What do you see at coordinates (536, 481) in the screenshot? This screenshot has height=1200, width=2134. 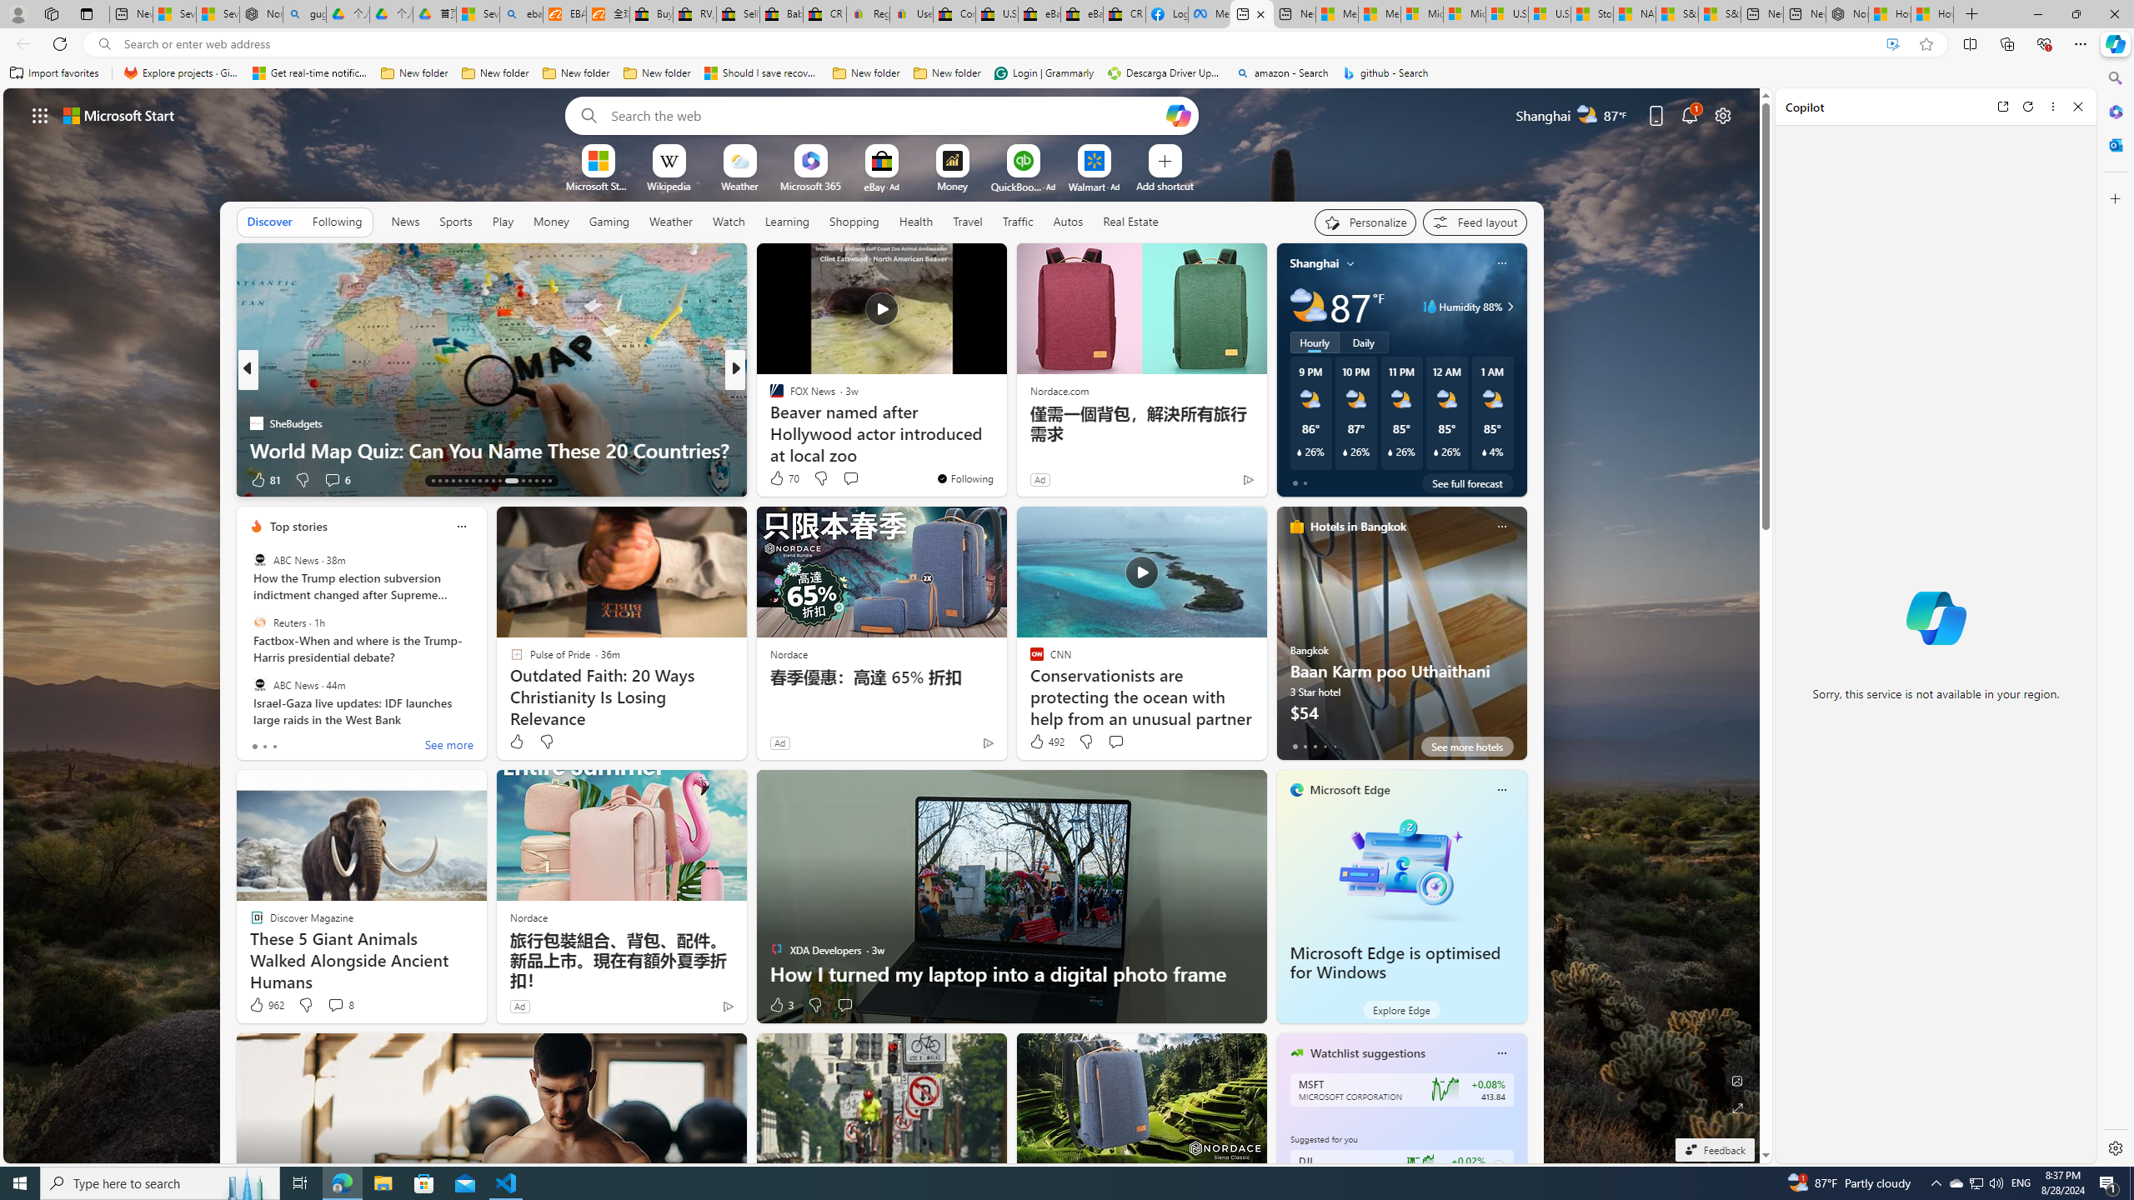 I see `'AutomationID: tab-33'` at bounding box center [536, 481].